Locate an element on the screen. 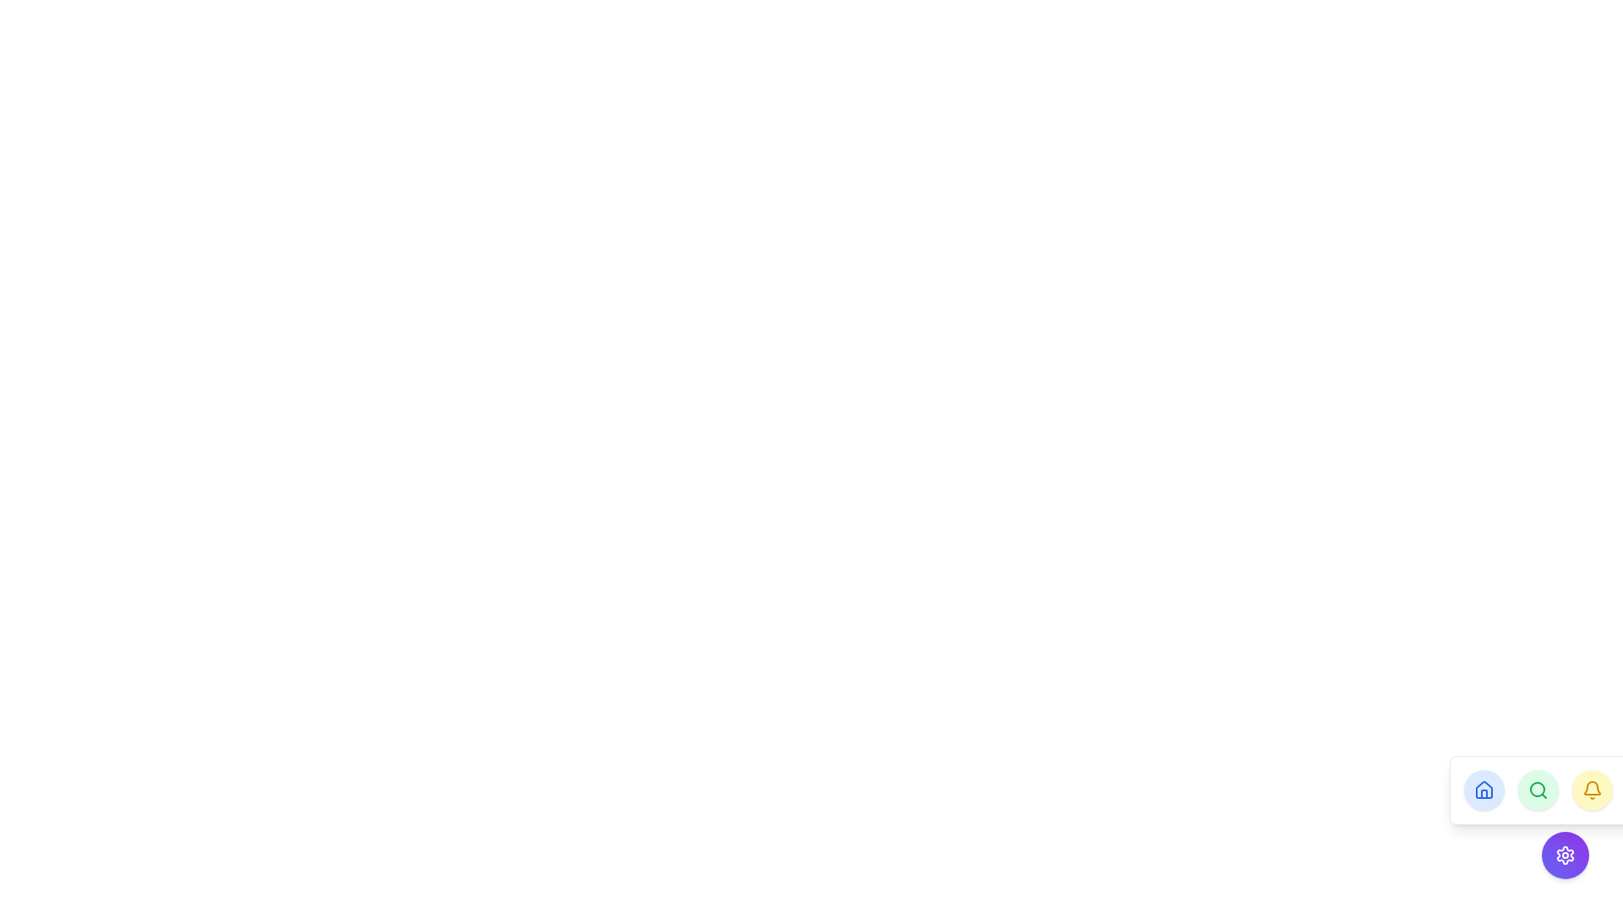 This screenshot has width=1623, height=913. the circular yellow button with a bell icon at the center is located at coordinates (1591, 790).